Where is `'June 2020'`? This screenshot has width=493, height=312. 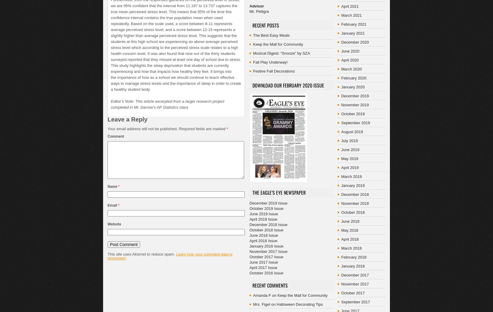 'June 2020' is located at coordinates (350, 51).